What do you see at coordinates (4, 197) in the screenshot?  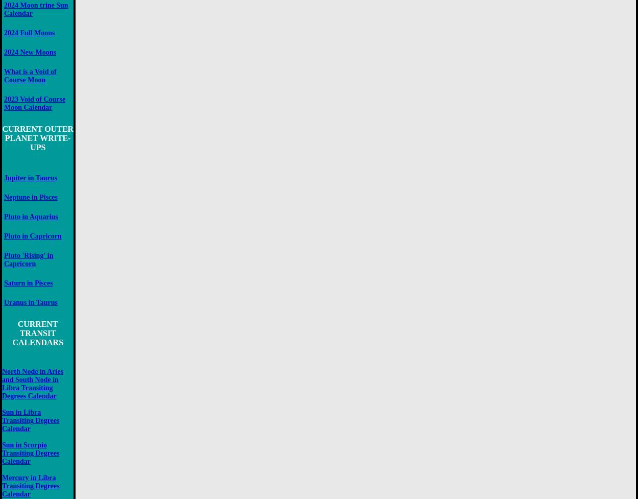 I see `'Neptune in Pisces'` at bounding box center [4, 197].